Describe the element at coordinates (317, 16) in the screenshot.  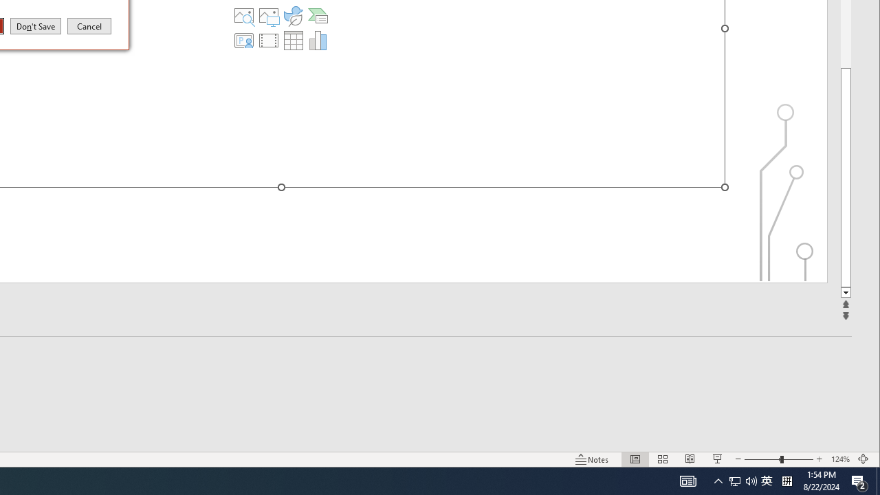
I see `'Insert a SmartArt Graphic'` at that location.